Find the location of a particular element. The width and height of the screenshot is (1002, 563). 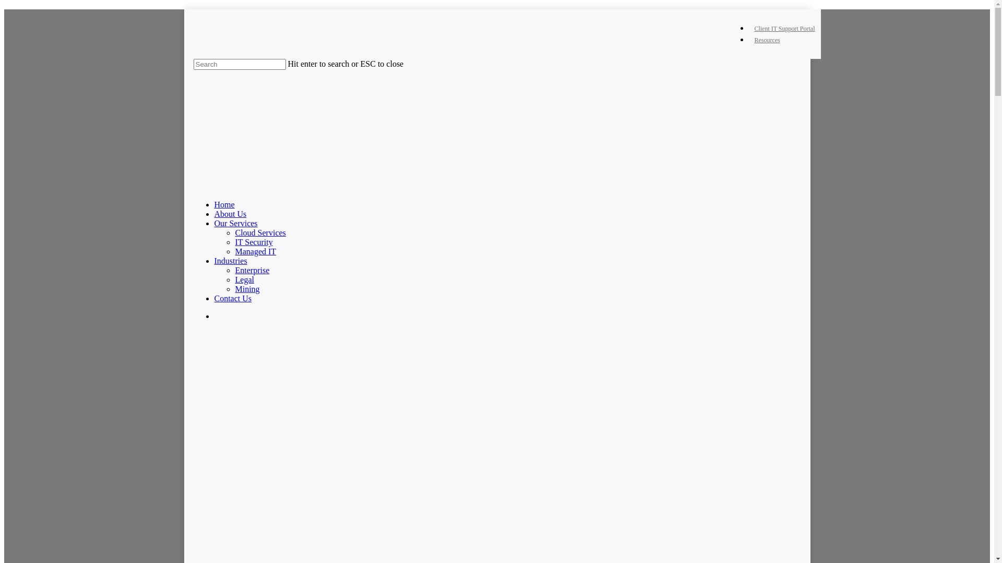

'Our Services' is located at coordinates (235, 223).